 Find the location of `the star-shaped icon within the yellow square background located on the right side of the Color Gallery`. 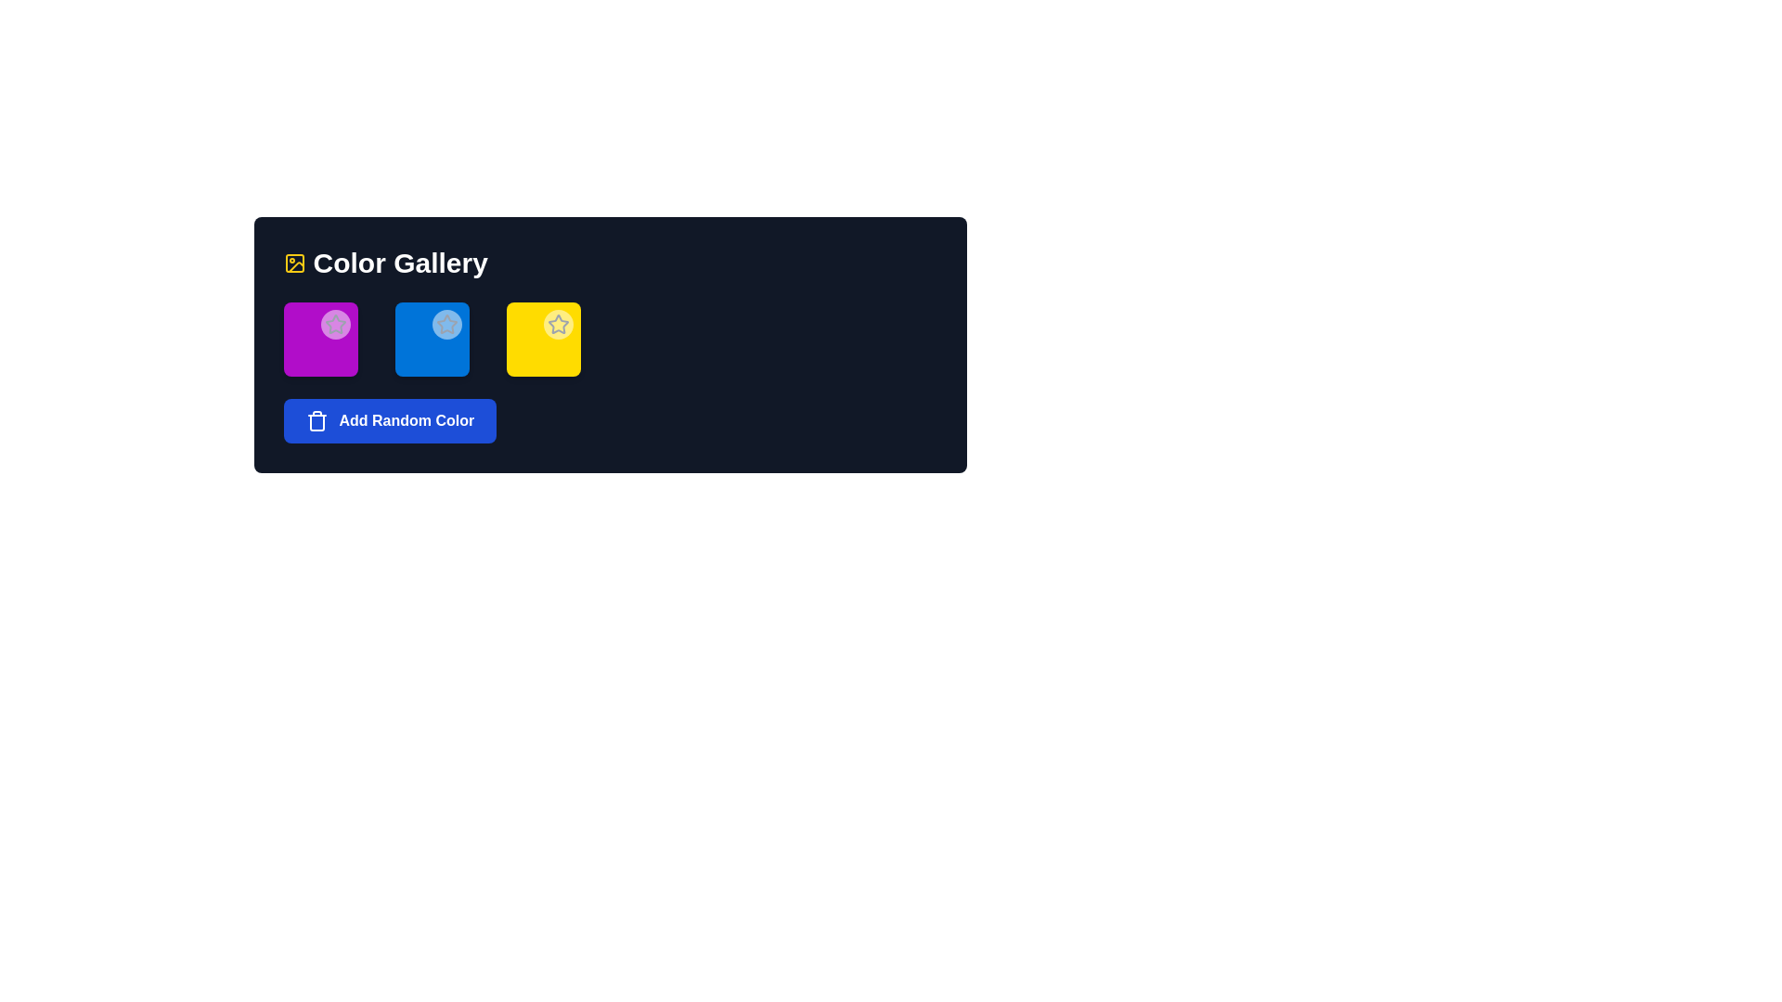

the star-shaped icon within the yellow square background located on the right side of the Color Gallery is located at coordinates (556, 322).